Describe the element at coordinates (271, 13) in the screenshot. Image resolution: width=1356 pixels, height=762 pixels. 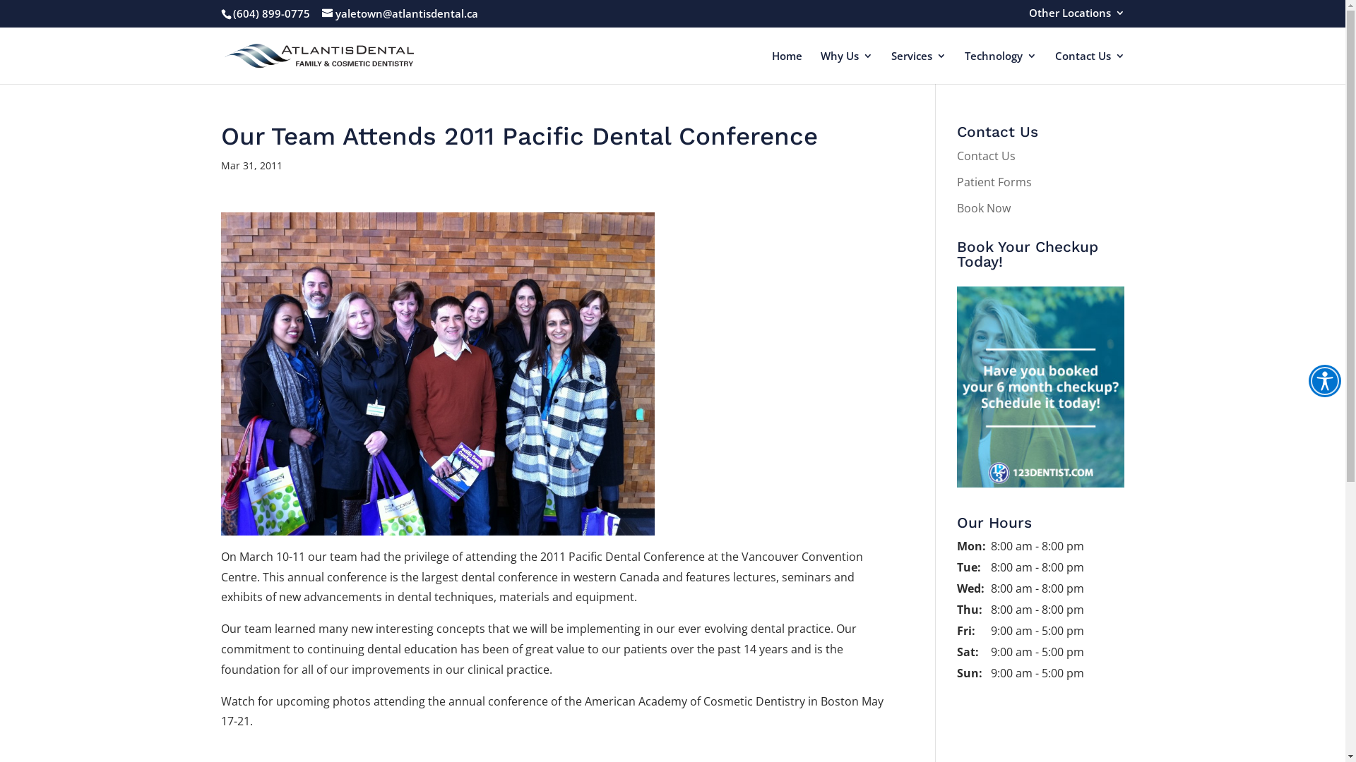
I see `'(604) 899-0775'` at that location.